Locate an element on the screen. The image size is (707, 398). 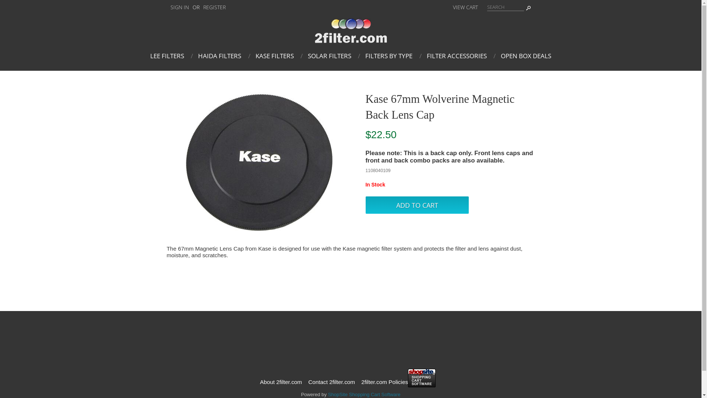
'SIGN IN' is located at coordinates (166, 7).